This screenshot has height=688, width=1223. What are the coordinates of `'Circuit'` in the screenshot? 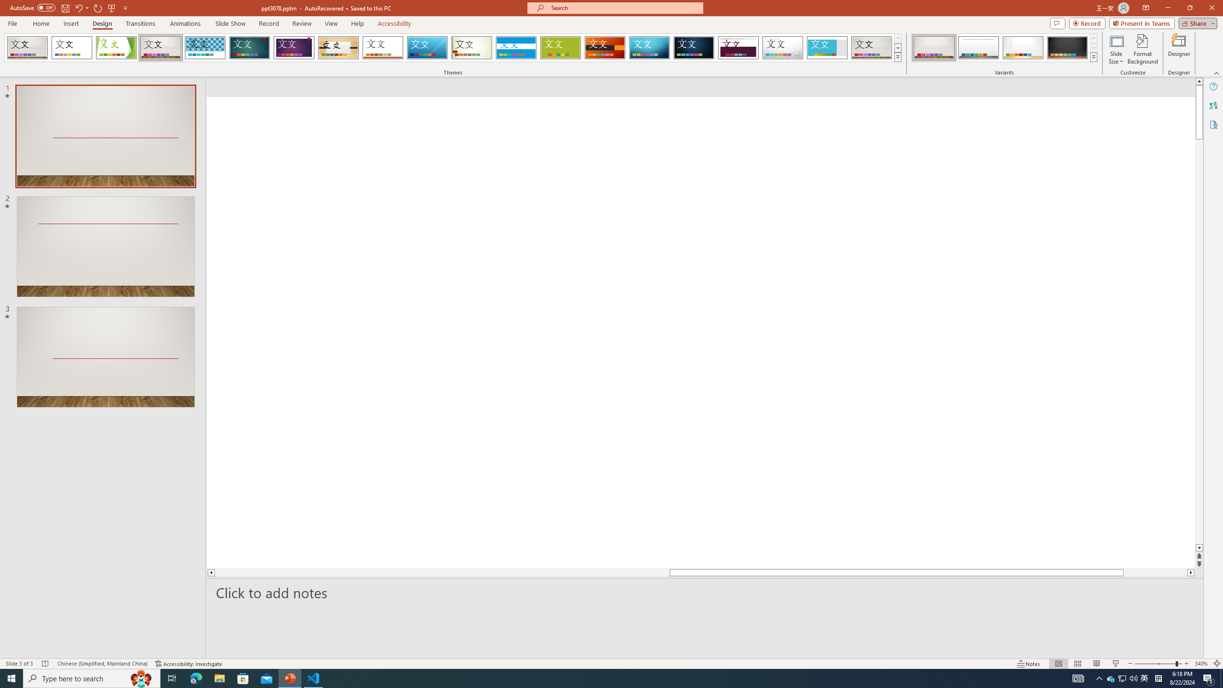 It's located at (649, 47).